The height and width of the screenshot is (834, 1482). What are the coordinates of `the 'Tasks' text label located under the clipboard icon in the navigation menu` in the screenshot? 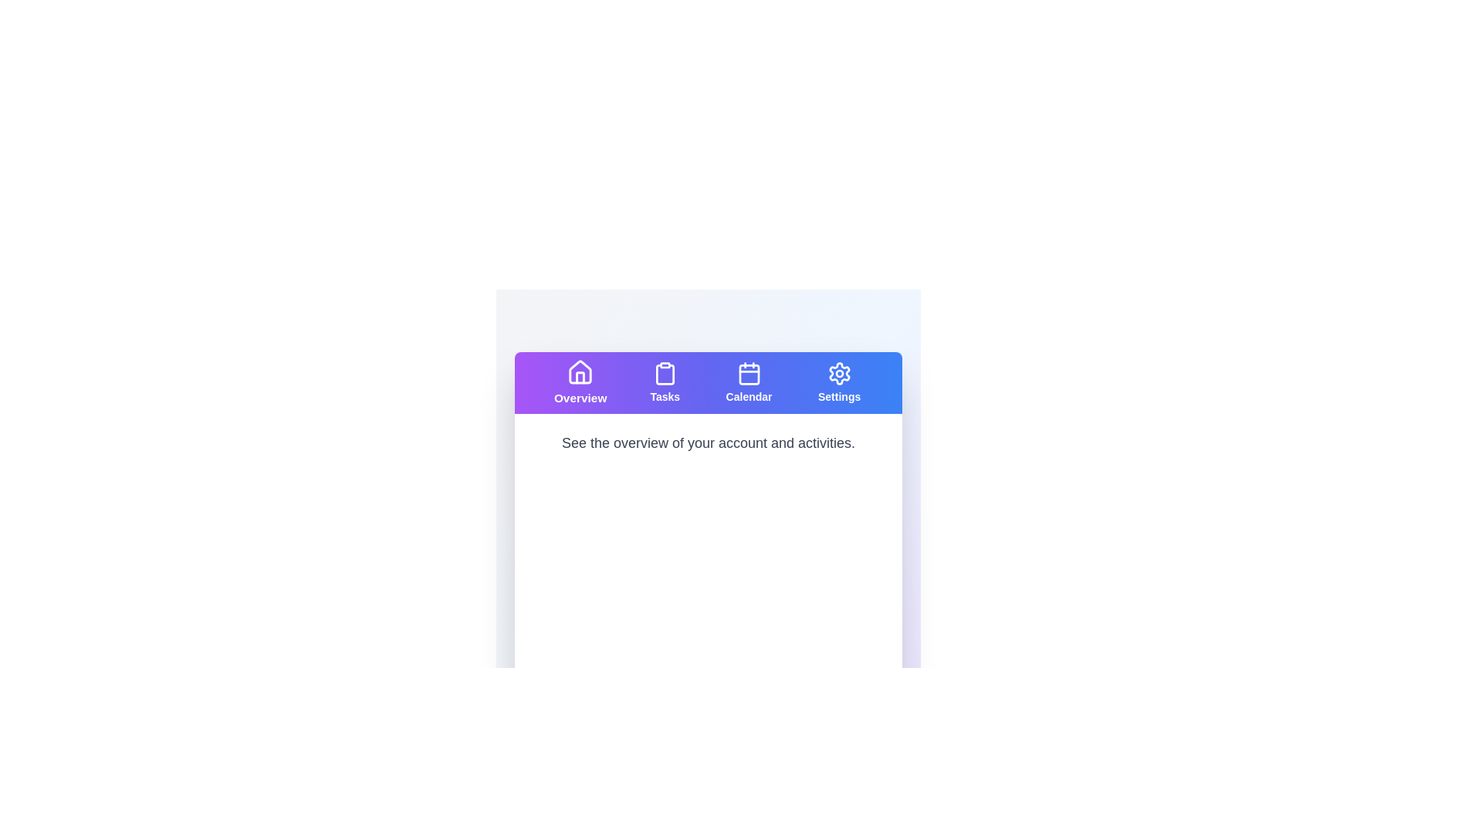 It's located at (665, 396).